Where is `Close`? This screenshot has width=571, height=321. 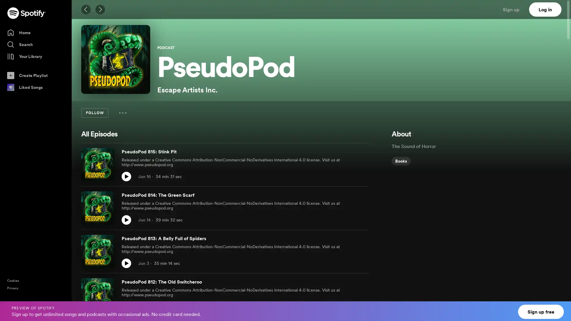
Close is located at coordinates (561, 307).